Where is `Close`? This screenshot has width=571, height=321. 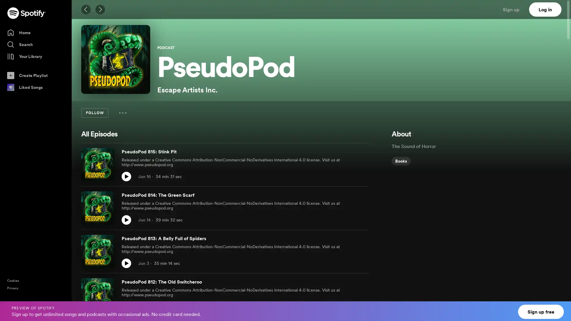
Close is located at coordinates (561, 307).